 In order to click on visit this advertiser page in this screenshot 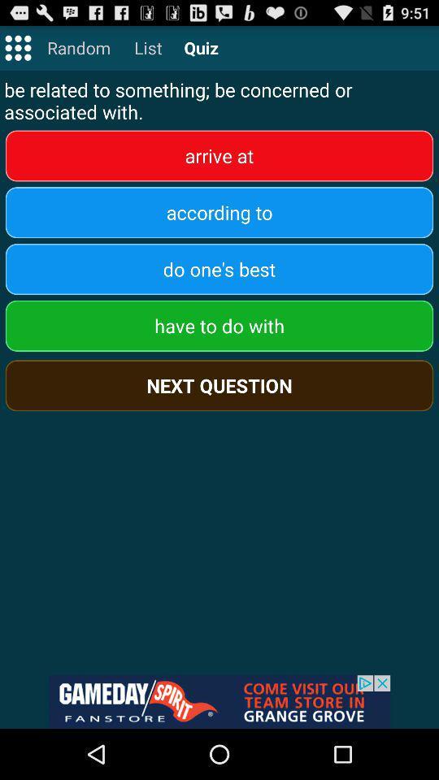, I will do `click(219, 701)`.